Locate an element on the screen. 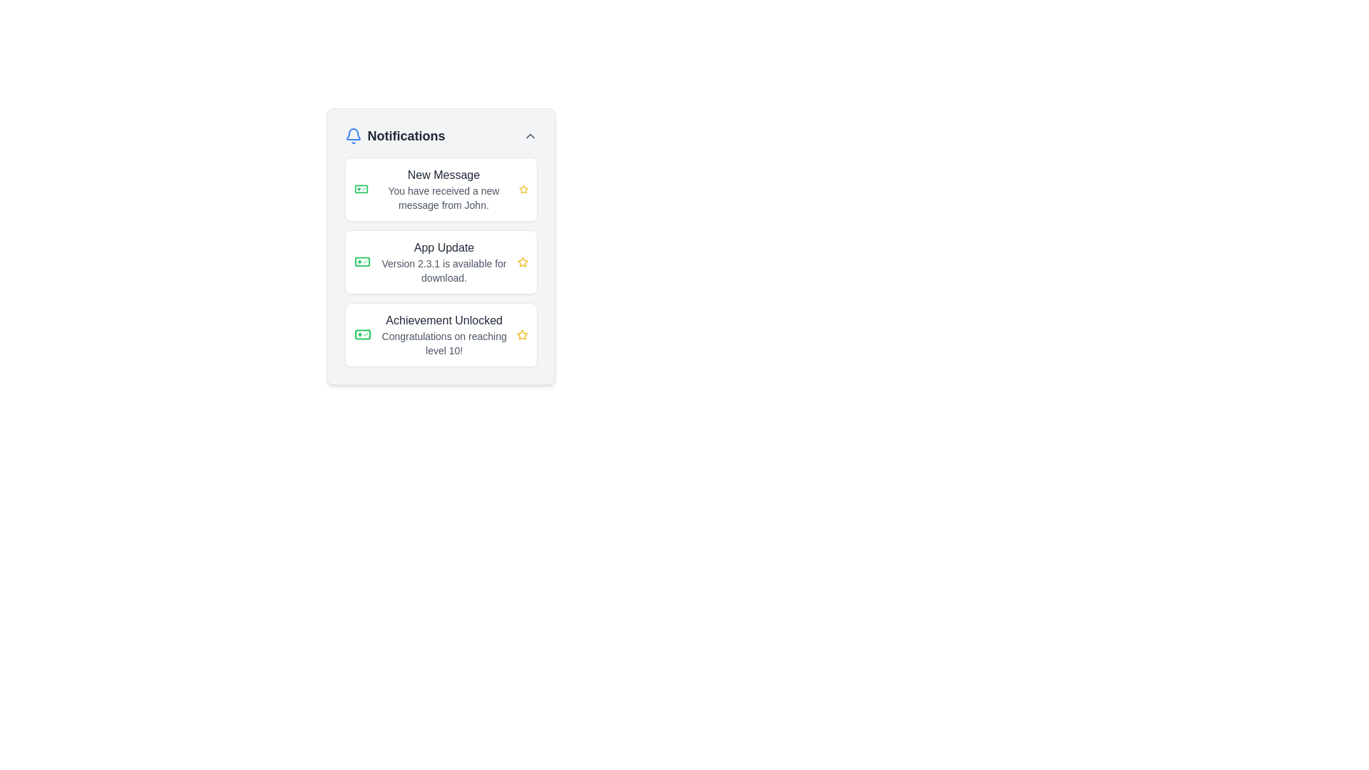 The image size is (1369, 770). the favorite star icon located at the extreme right side of the 'New Message' notification is located at coordinates (523, 189).